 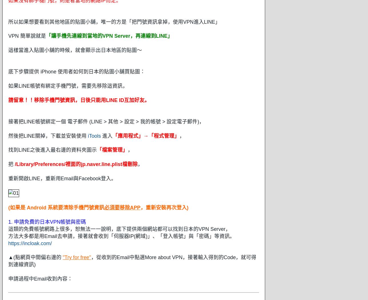 What do you see at coordinates (62, 178) in the screenshot?
I see `'重新開啟LINE，重新用Email與Facebook登入。'` at bounding box center [62, 178].